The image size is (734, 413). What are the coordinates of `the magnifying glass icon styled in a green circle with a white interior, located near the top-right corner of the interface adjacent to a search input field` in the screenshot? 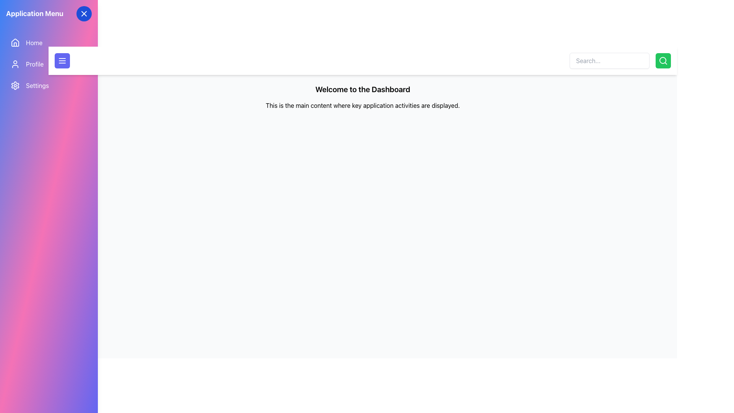 It's located at (663, 60).